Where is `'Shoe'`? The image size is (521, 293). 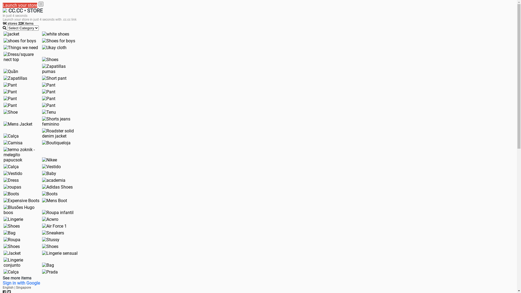
'Shoe' is located at coordinates (10, 112).